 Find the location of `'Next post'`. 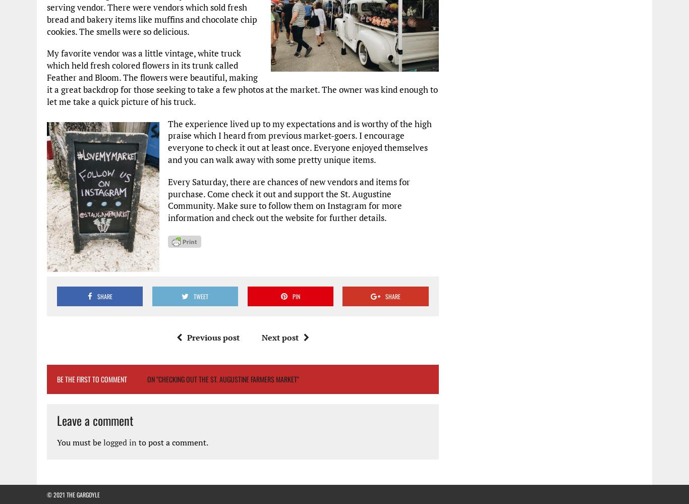

'Next post' is located at coordinates (279, 338).